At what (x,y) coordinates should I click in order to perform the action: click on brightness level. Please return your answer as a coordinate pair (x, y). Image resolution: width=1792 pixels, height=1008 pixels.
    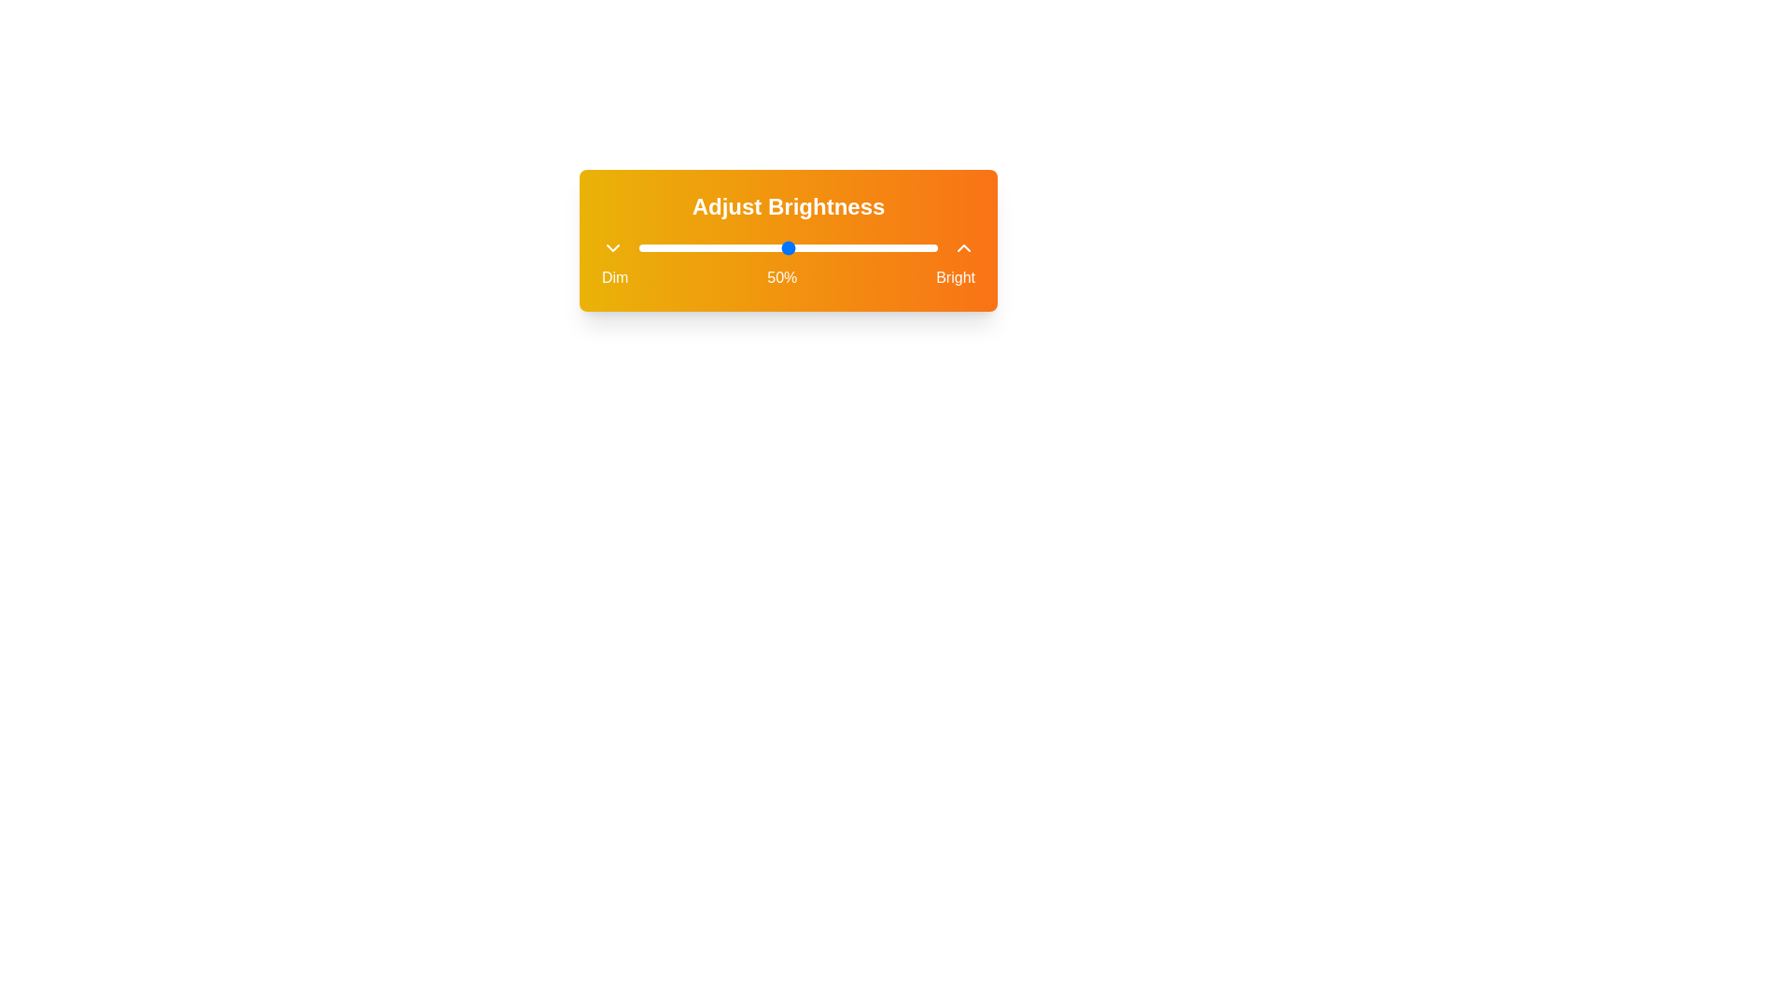
    Looking at the image, I should click on (679, 247).